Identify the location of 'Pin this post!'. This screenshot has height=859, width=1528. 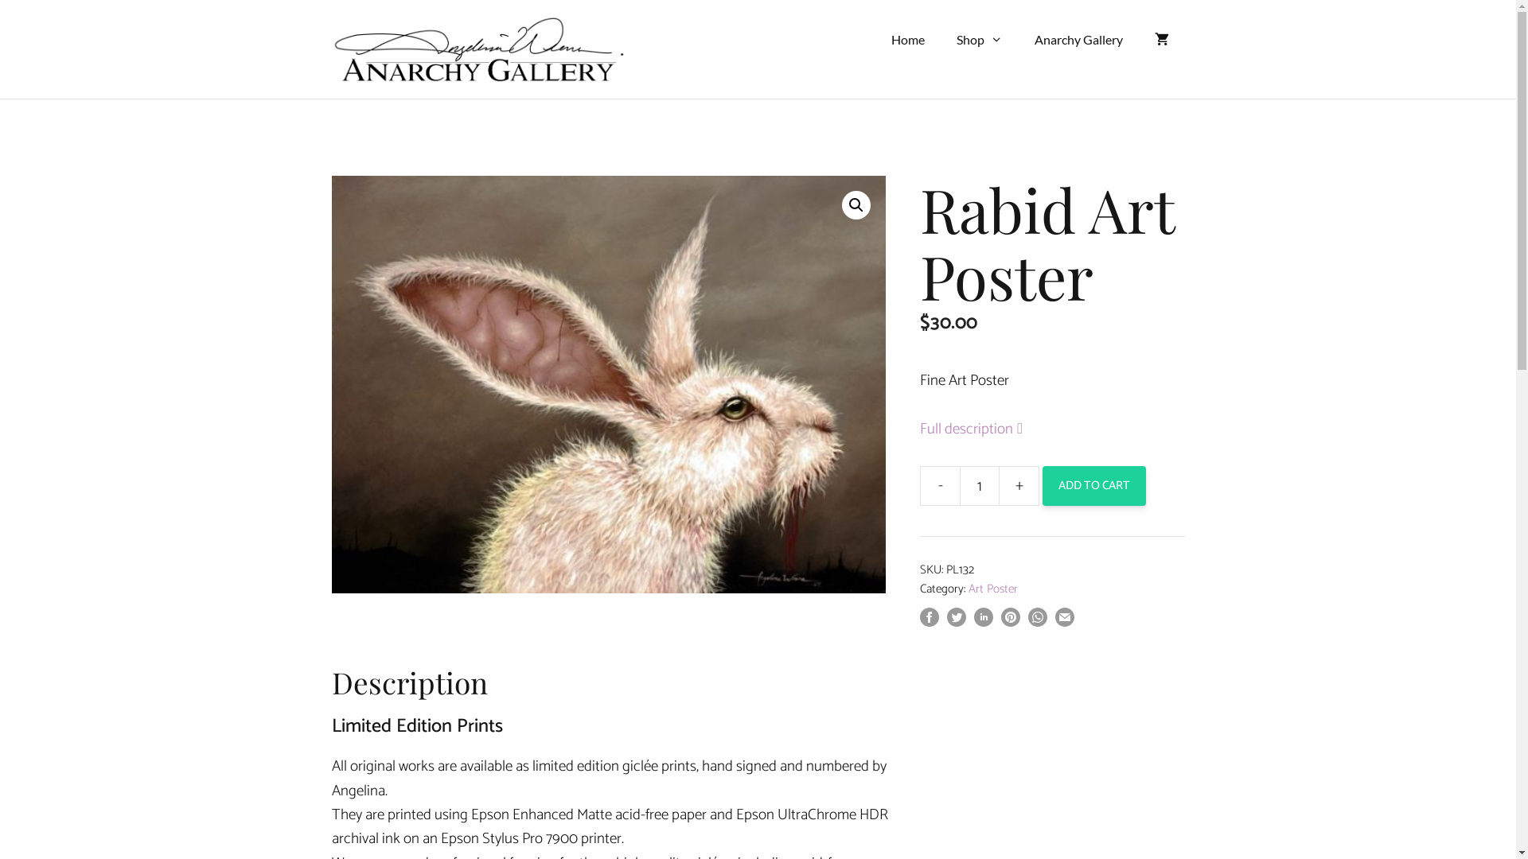
(1010, 621).